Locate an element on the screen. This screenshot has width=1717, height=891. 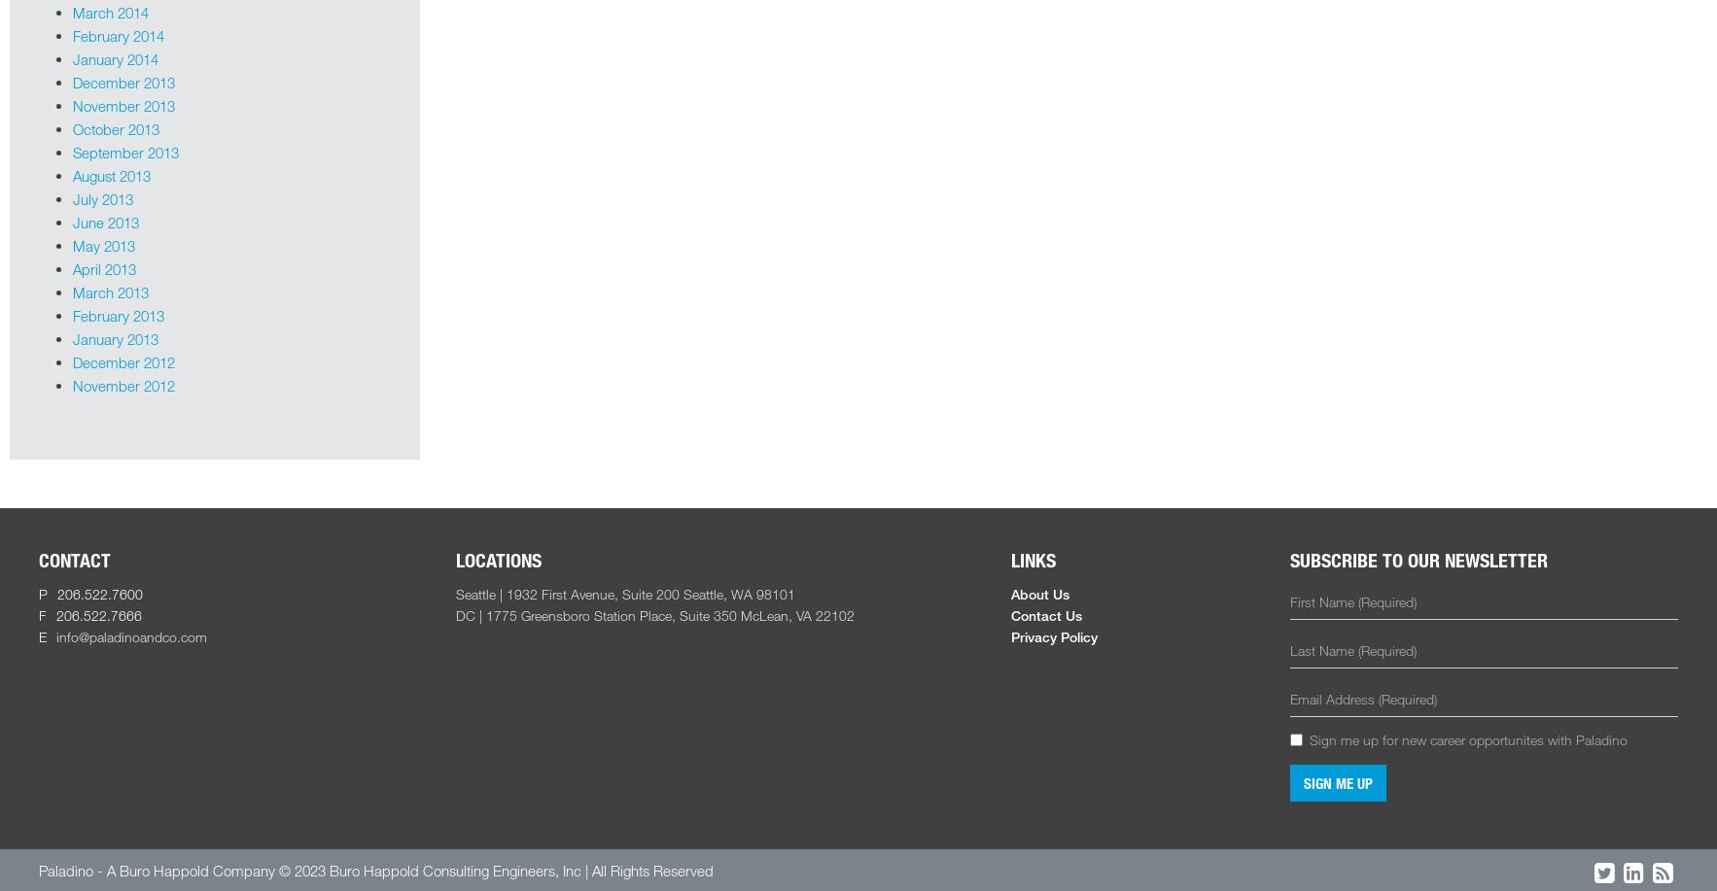
'Paladino -  A Buro Happold Company © 2023 Buro Happold Consulting Engineers, Inc | All Rights Reserved' is located at coordinates (374, 868).